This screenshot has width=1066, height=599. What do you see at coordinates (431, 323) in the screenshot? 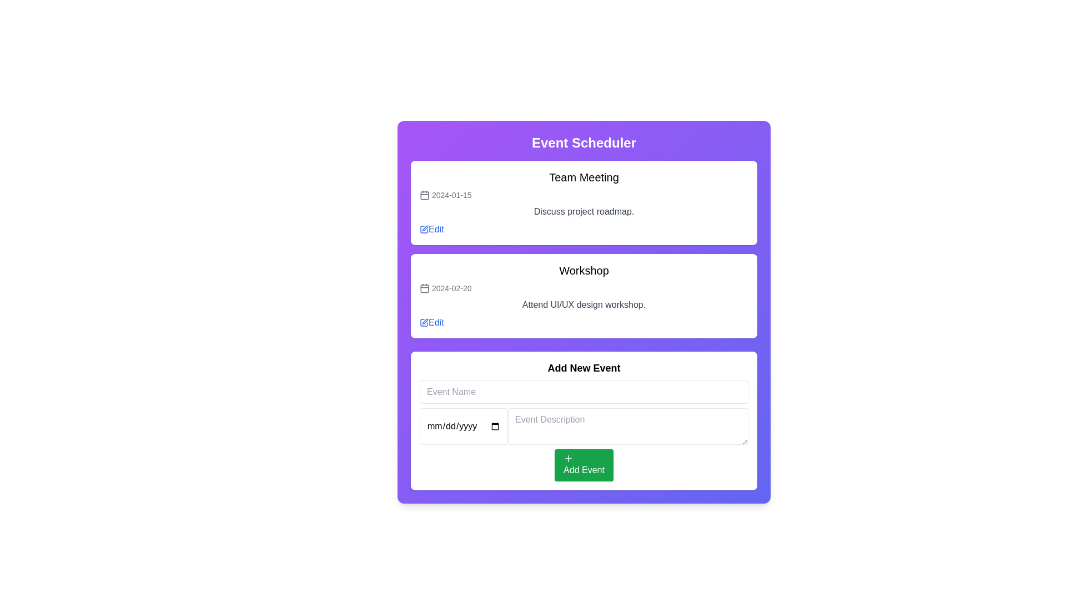
I see `the small blue link labeled 'Edit' next to the date '2024-02-20' to initiate editing of the 'Workshop' event` at bounding box center [431, 323].